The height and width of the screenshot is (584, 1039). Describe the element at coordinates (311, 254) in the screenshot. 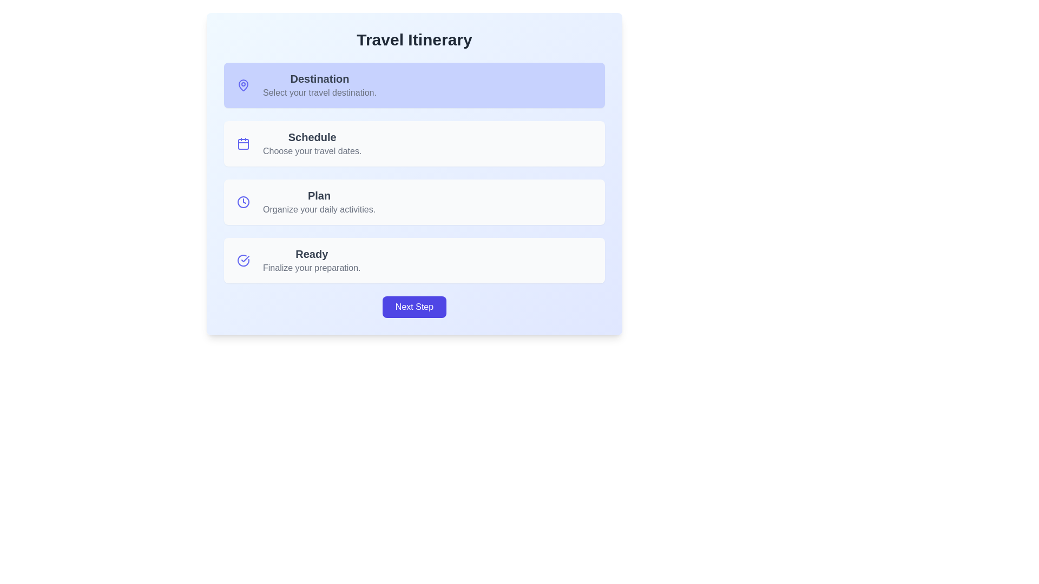

I see `the static text label 'Ready' which is styled in a bold typeface and prominently displayed as the main heading of the fourth step card in a multi-step process` at that location.